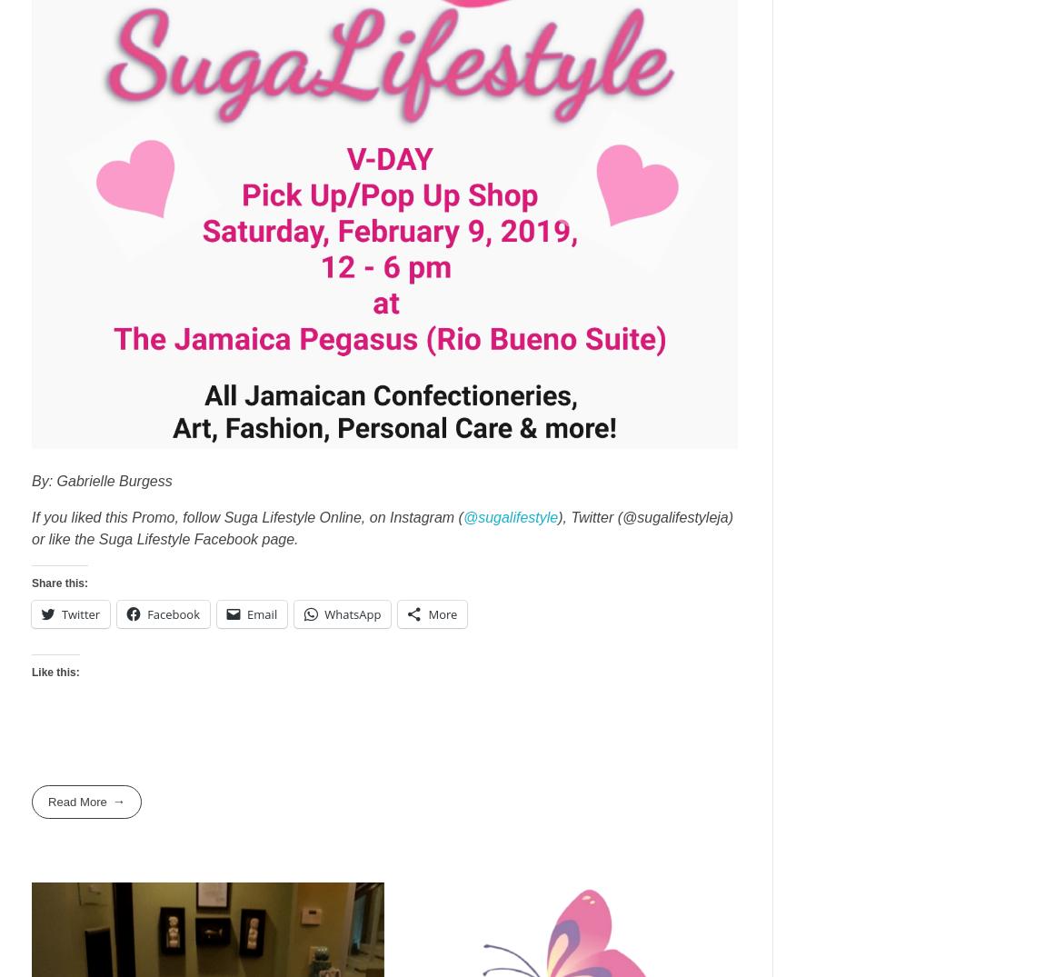 The image size is (1045, 977). I want to click on 'Email', so click(262, 613).